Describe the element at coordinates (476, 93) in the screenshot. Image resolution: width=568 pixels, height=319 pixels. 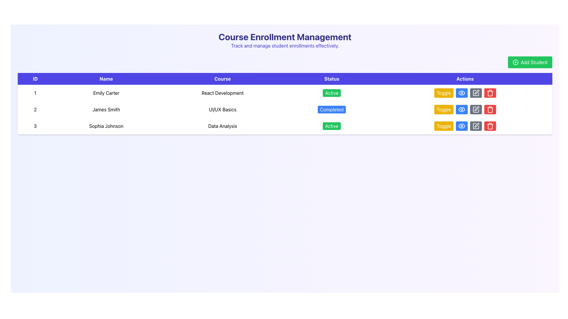
I see `the edit icon button located in the Actions column of the third row associated with Sophia Johnson's record` at that location.